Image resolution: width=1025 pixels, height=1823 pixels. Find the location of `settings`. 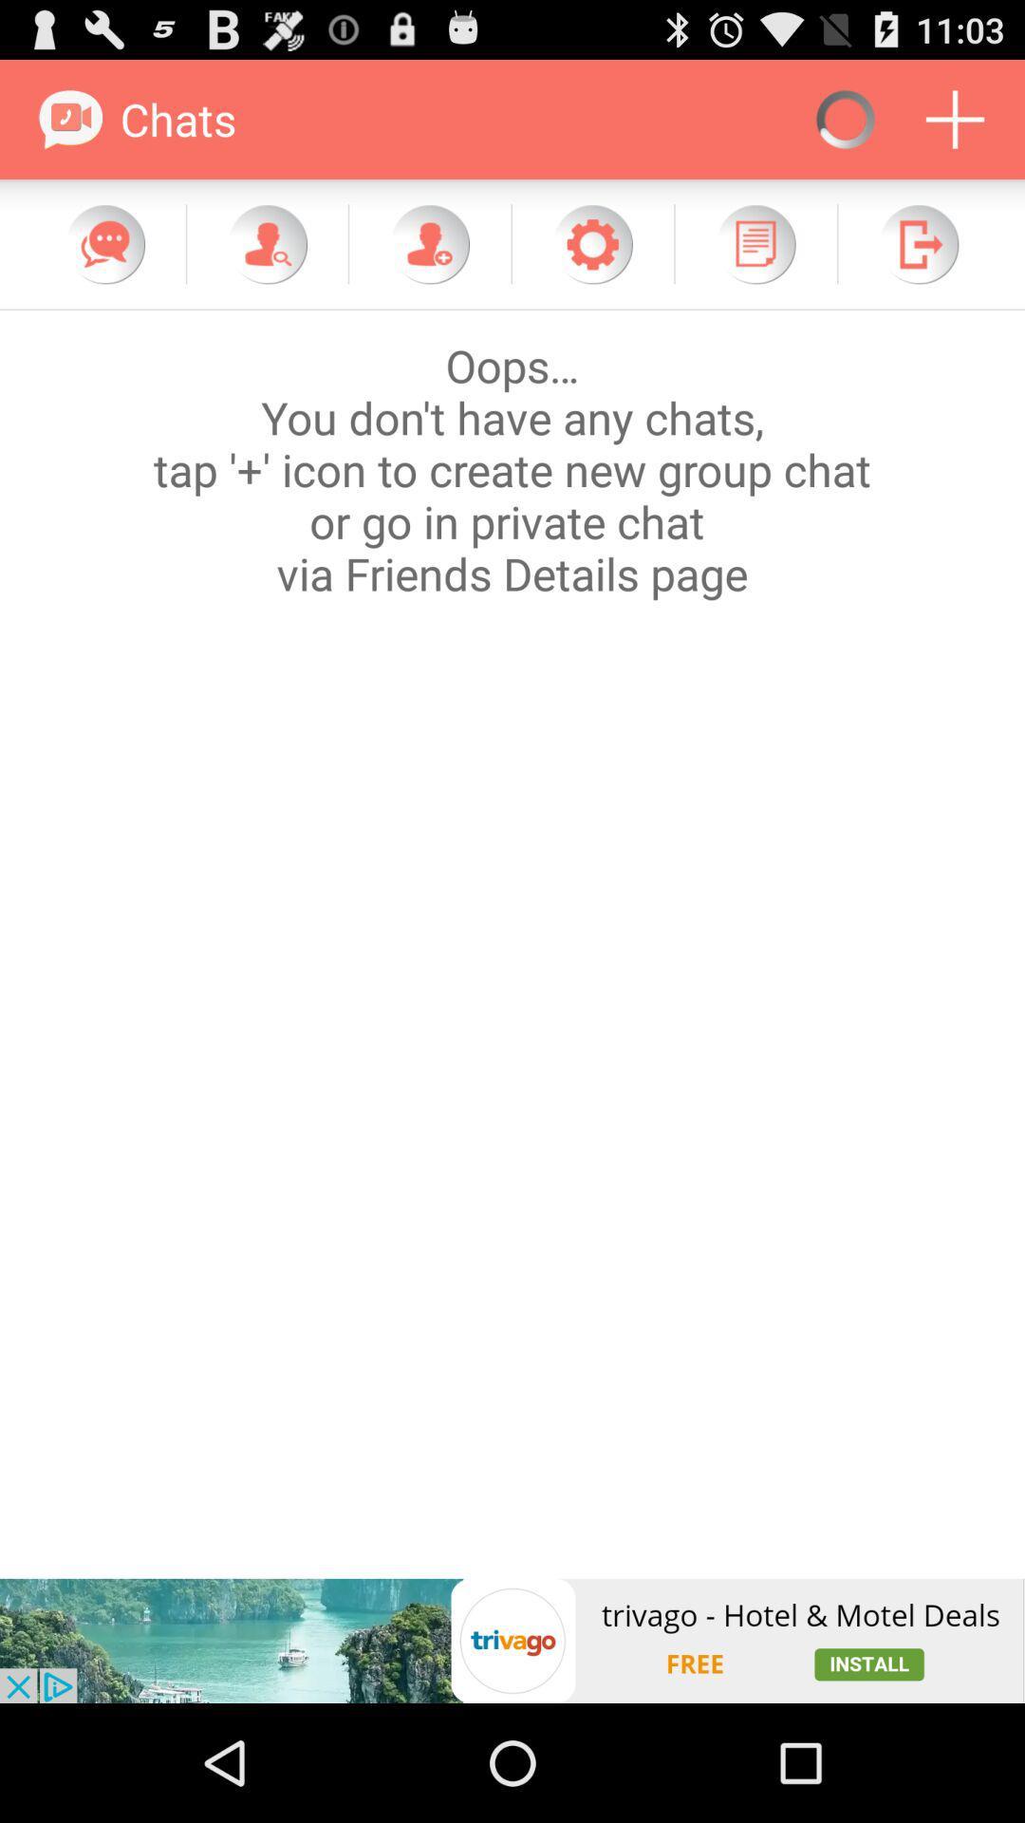

settings is located at coordinates (591, 243).